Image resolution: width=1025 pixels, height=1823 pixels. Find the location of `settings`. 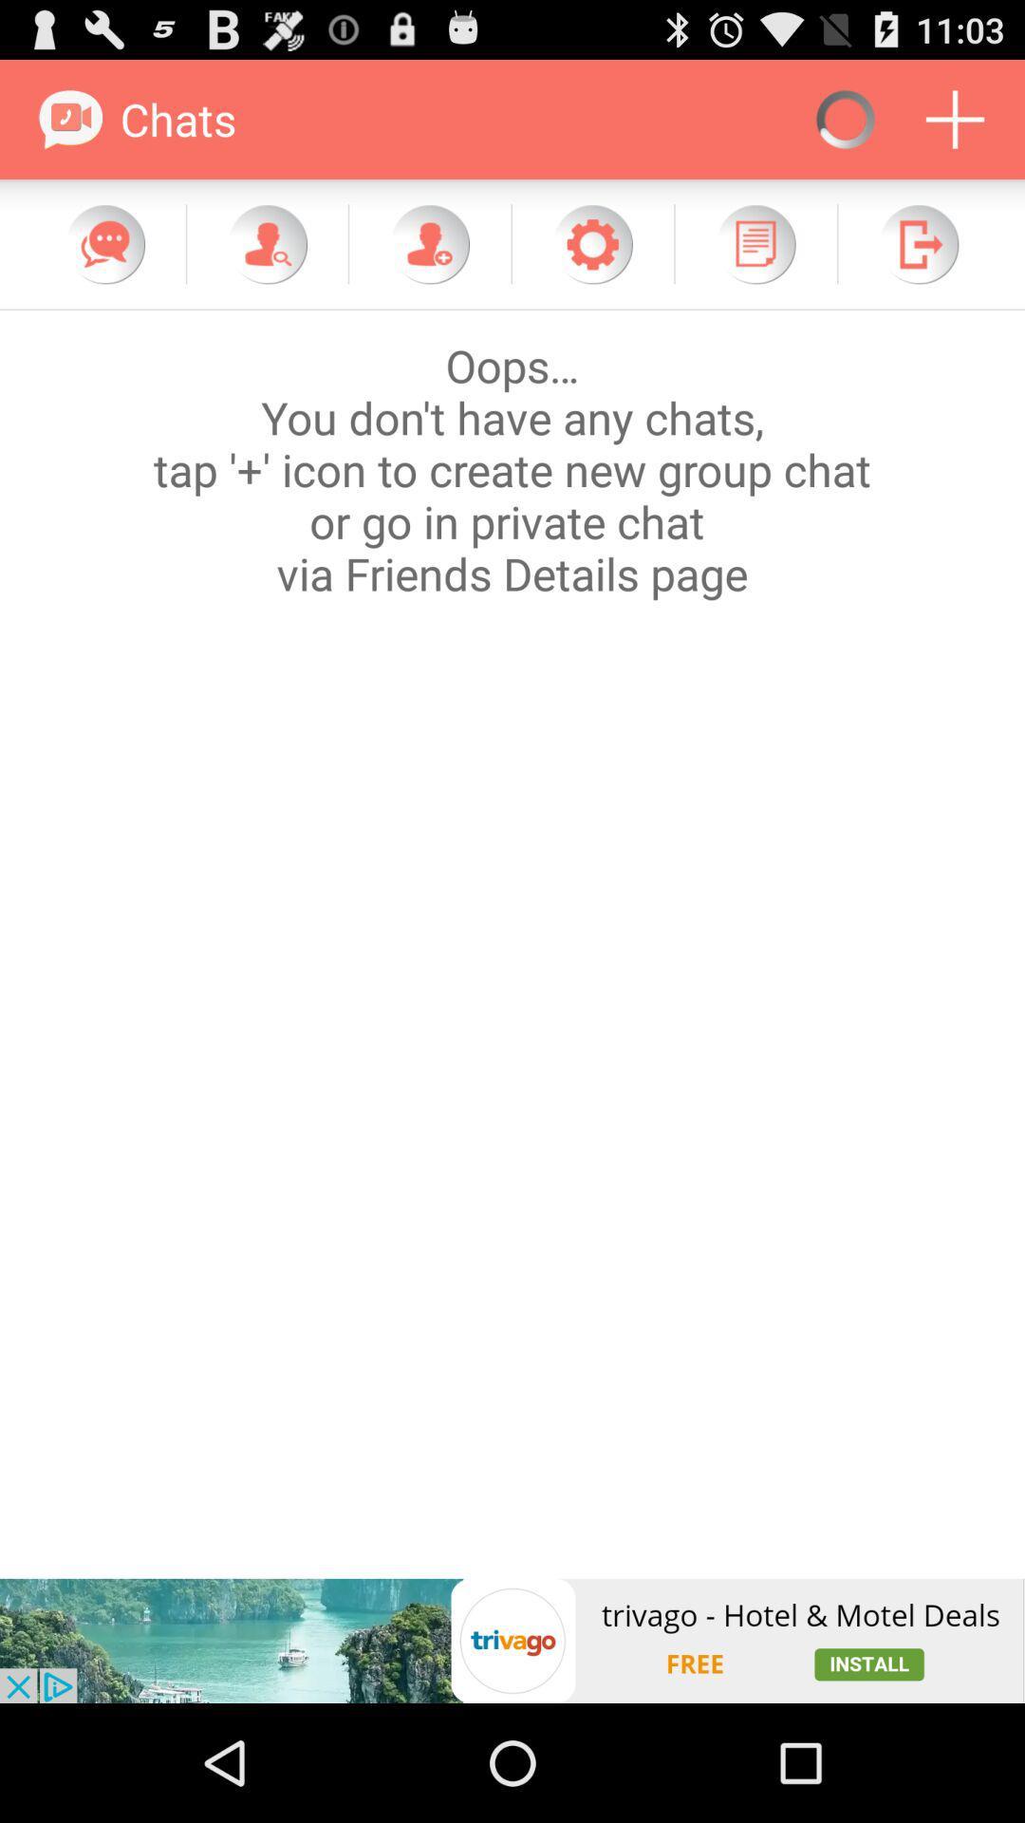

settings is located at coordinates (591, 243).